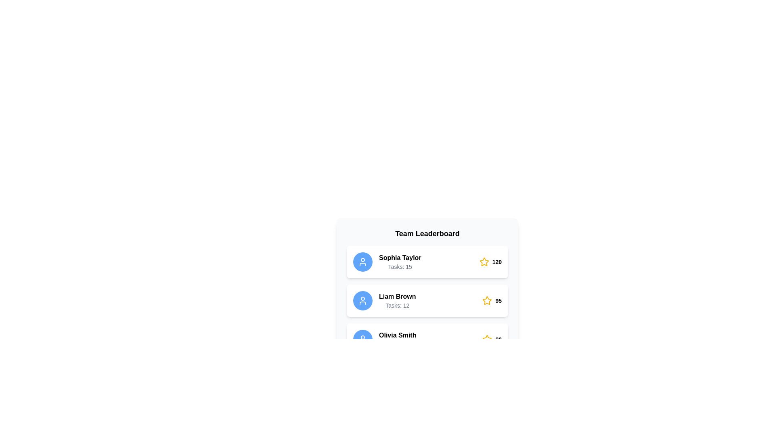 This screenshot has width=775, height=436. I want to click on the circular blue icon with a white user symbol located in the second row of the leaderboard, to the left of the text 'Liam Brown', so click(362, 300).